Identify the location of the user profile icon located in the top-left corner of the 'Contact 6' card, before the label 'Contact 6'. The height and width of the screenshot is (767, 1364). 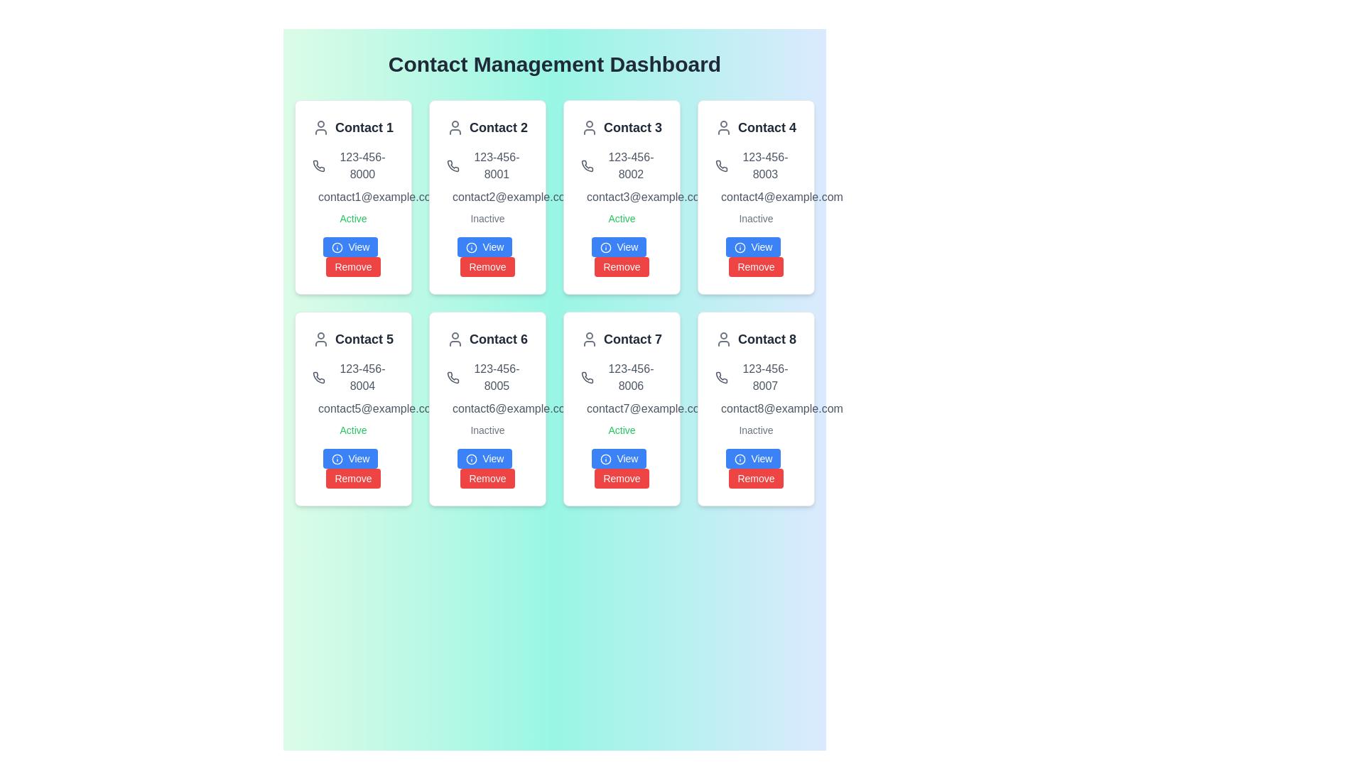
(455, 339).